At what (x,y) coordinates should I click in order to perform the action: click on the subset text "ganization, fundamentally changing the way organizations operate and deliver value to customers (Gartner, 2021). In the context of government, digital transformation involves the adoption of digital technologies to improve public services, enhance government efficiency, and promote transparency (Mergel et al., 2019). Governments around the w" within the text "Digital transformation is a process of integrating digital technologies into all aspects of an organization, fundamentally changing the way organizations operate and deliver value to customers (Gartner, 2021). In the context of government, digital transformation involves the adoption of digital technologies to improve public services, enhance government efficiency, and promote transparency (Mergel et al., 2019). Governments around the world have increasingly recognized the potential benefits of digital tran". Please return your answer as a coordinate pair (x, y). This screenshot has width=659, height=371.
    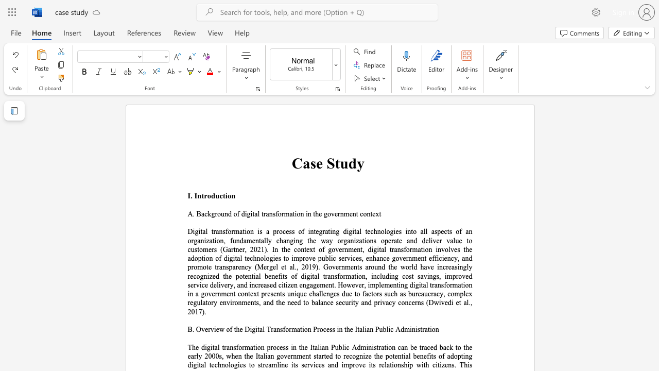
    Looking at the image, I should click on (194, 241).